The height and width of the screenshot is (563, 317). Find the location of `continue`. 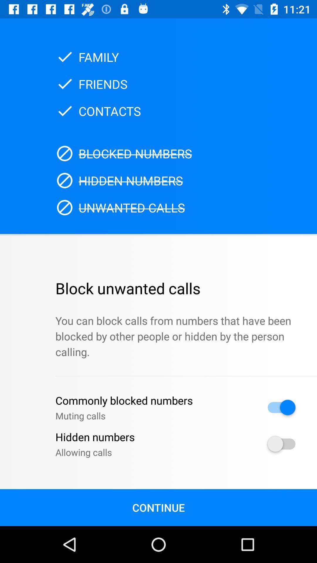

continue is located at coordinates (158, 507).